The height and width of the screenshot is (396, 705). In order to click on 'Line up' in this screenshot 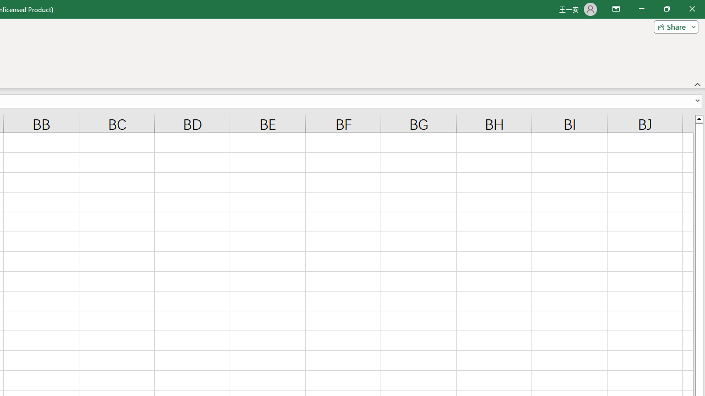, I will do `click(698, 118)`.